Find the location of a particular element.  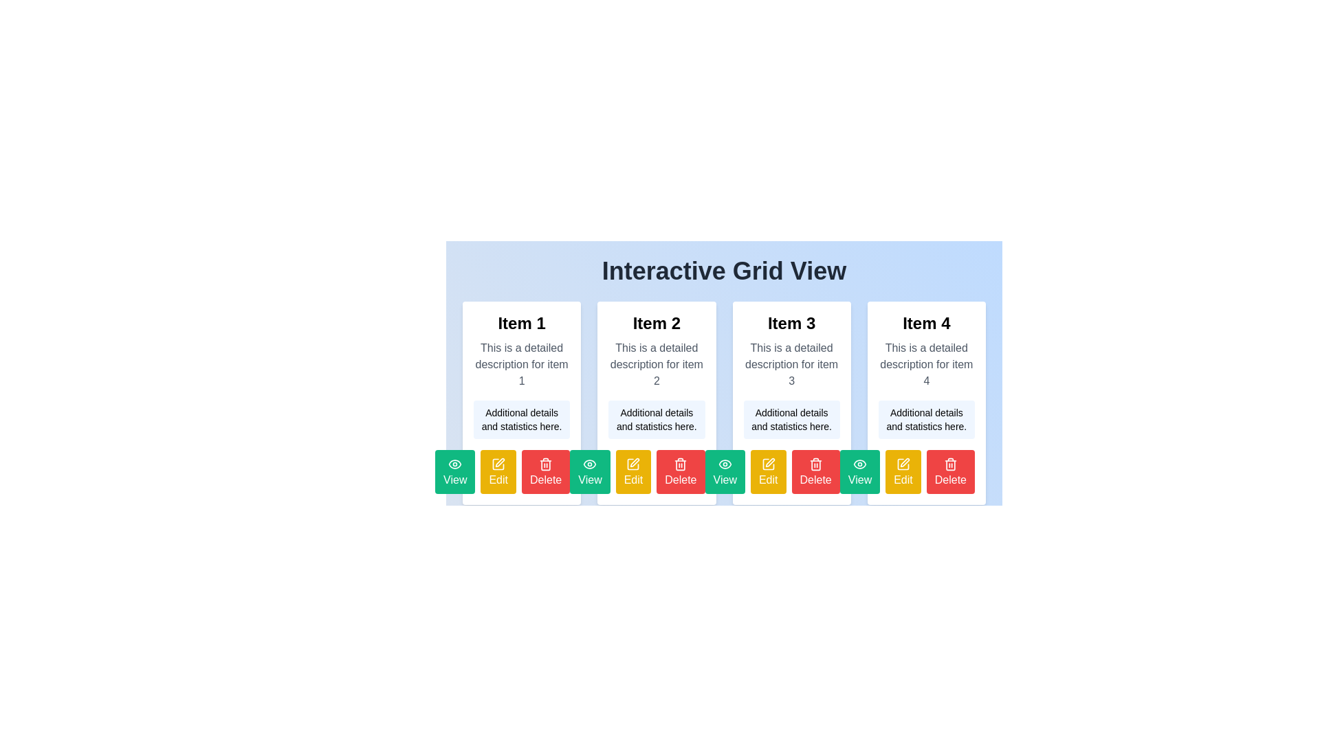

the title text element at the top of the first card in the grid layout, which serves as a quick label or identifier for the card's content is located at coordinates (521, 323).